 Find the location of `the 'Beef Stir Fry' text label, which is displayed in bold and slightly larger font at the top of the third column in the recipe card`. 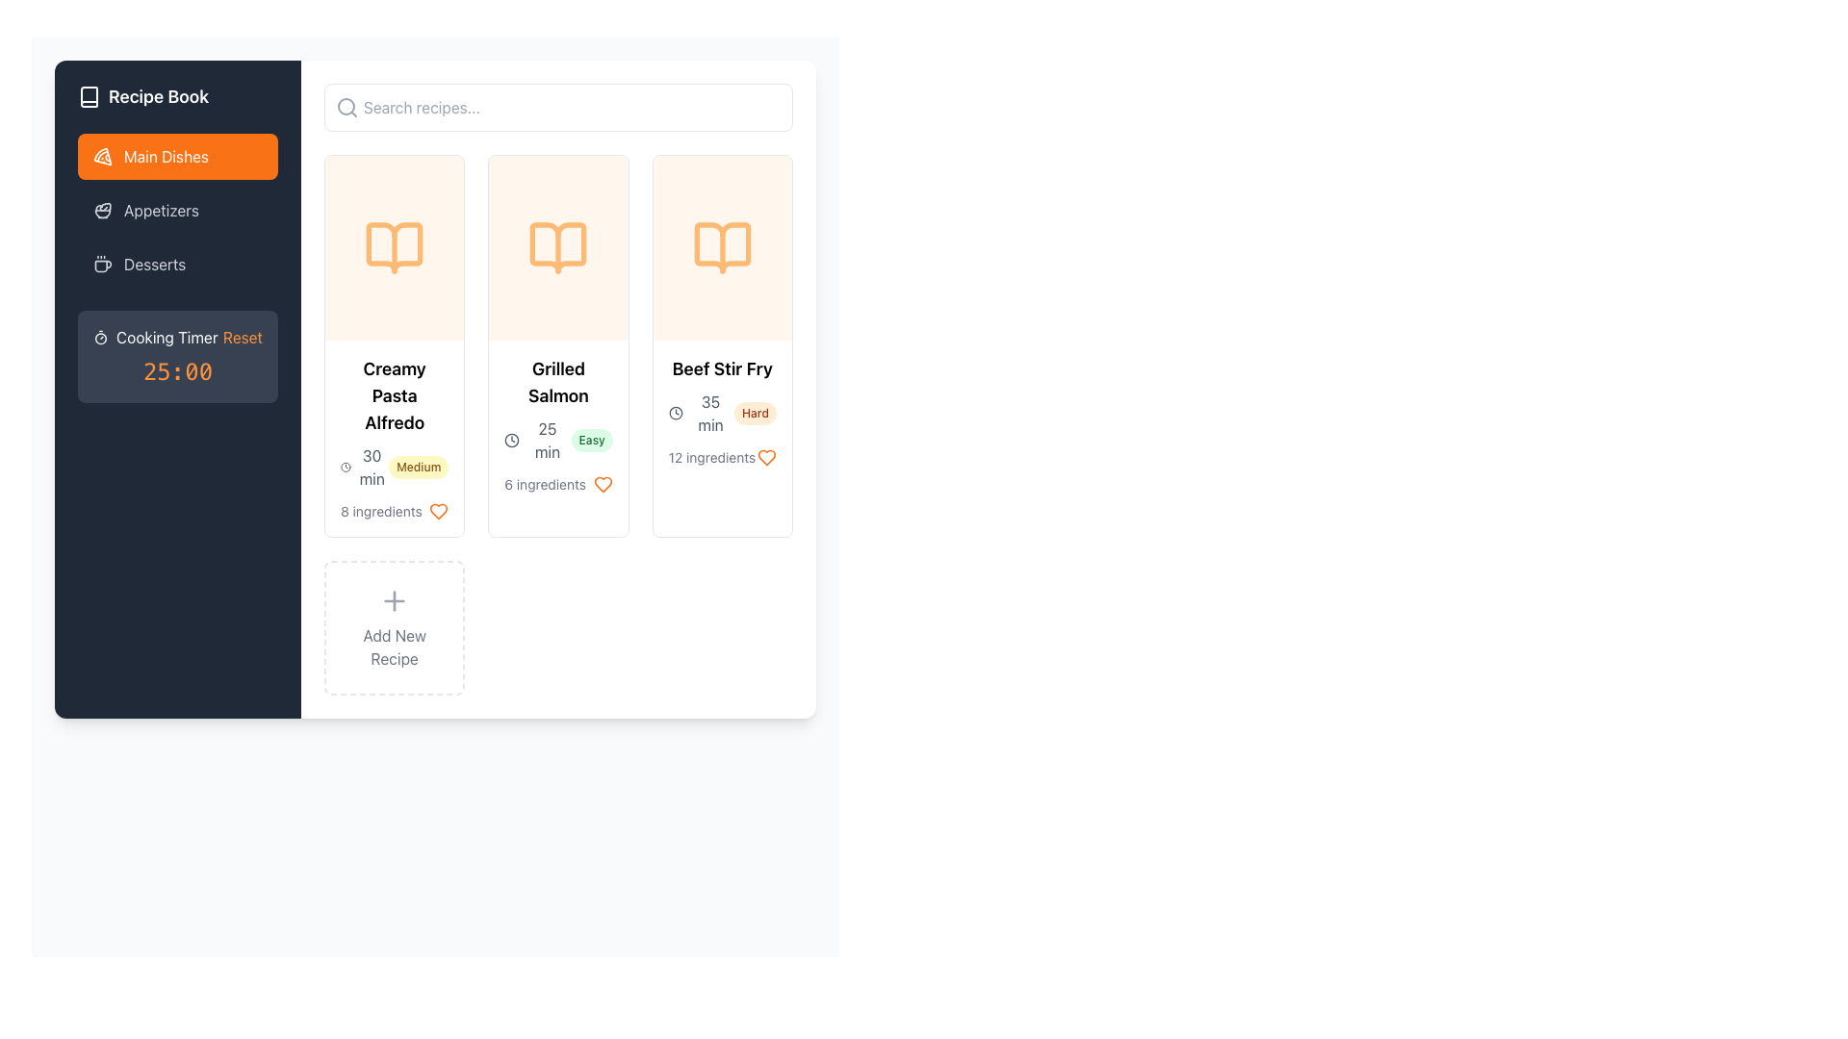

the 'Beef Stir Fry' text label, which is displayed in bold and slightly larger font at the top of the third column in the recipe card is located at coordinates (721, 369).